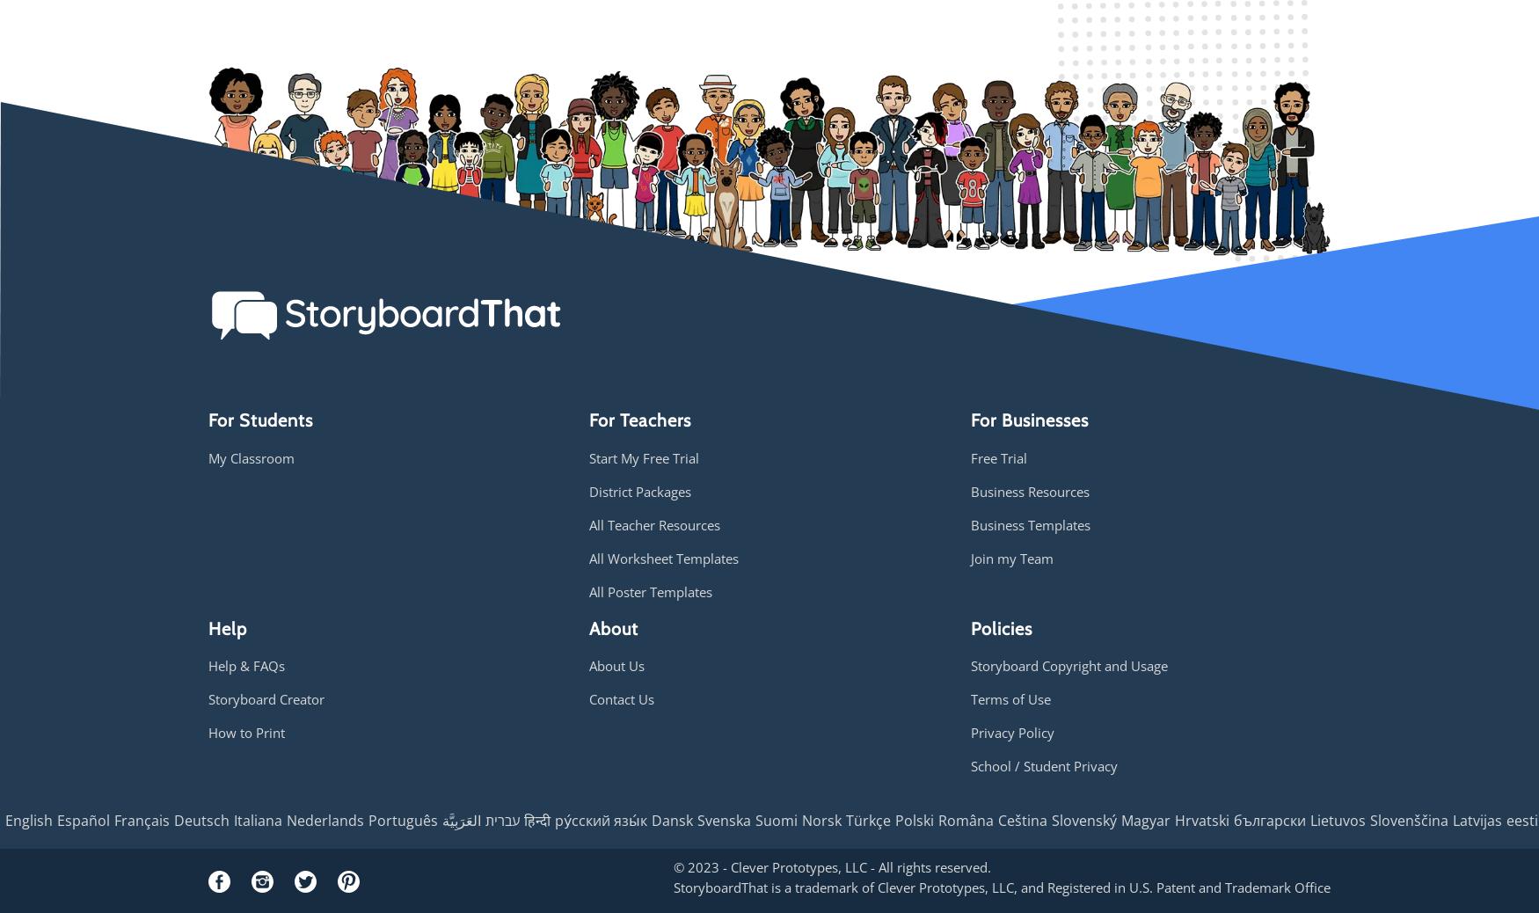 The height and width of the screenshot is (913, 1539). What do you see at coordinates (821, 820) in the screenshot?
I see `'Norsk'` at bounding box center [821, 820].